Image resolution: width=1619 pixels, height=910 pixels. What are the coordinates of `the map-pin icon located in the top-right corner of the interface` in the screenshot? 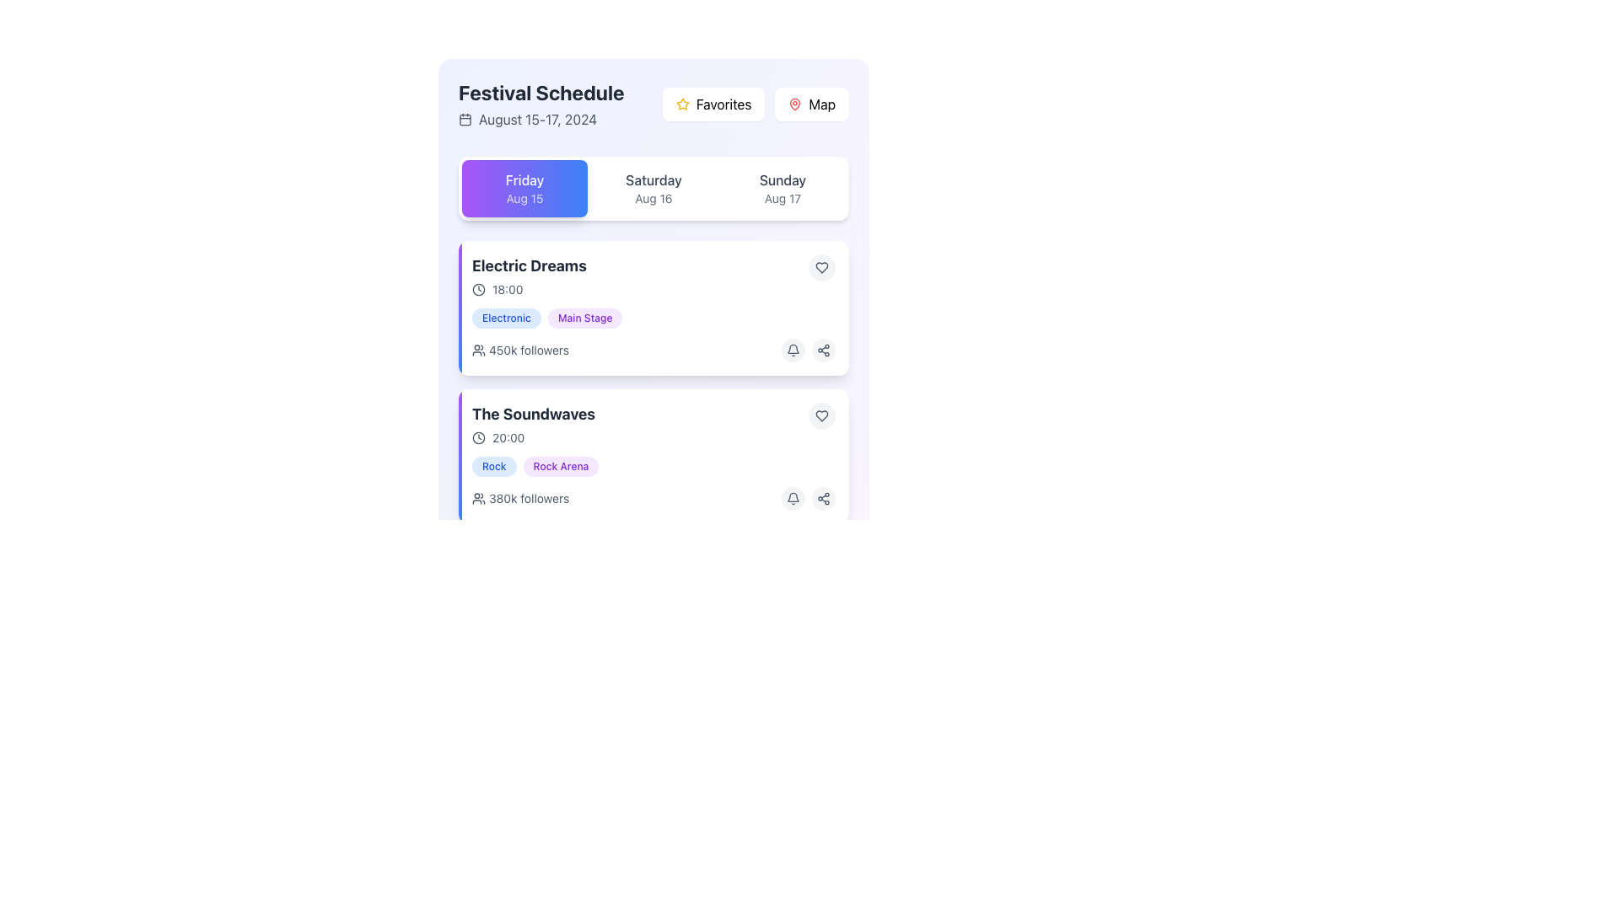 It's located at (794, 104).